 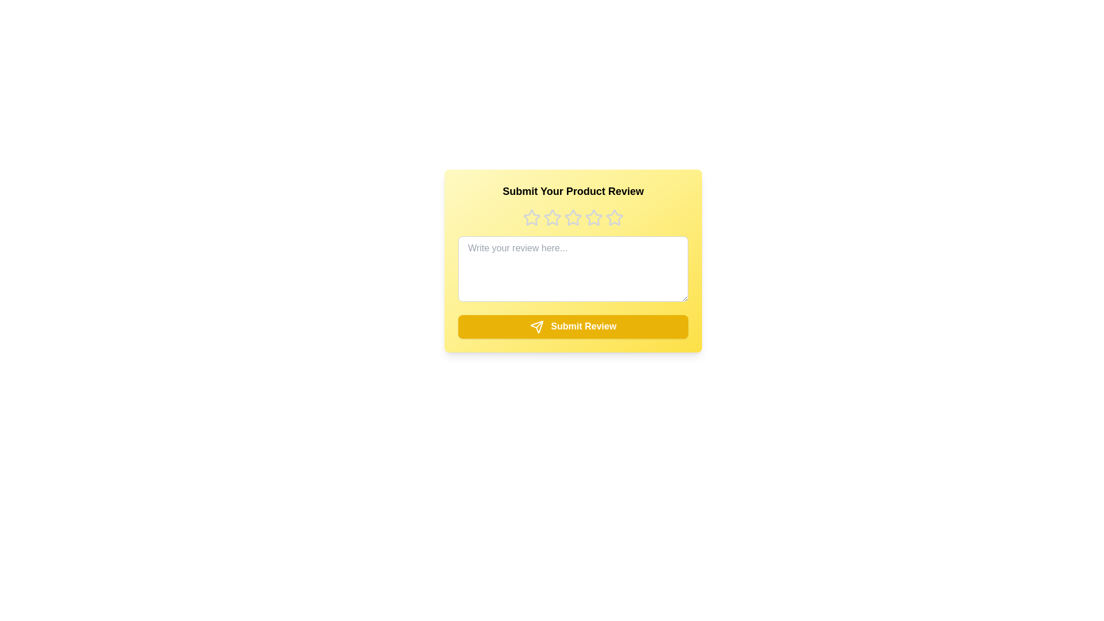 What do you see at coordinates (552, 217) in the screenshot?
I see `the third star icon from the left in a row of five stars` at bounding box center [552, 217].